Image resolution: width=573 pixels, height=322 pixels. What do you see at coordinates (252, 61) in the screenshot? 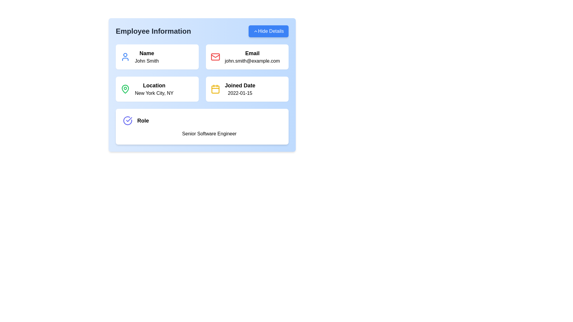
I see `the email address text label located in the second card of the Employee Information section, positioned below the 'Email' label and to the right of the red mail icon` at bounding box center [252, 61].